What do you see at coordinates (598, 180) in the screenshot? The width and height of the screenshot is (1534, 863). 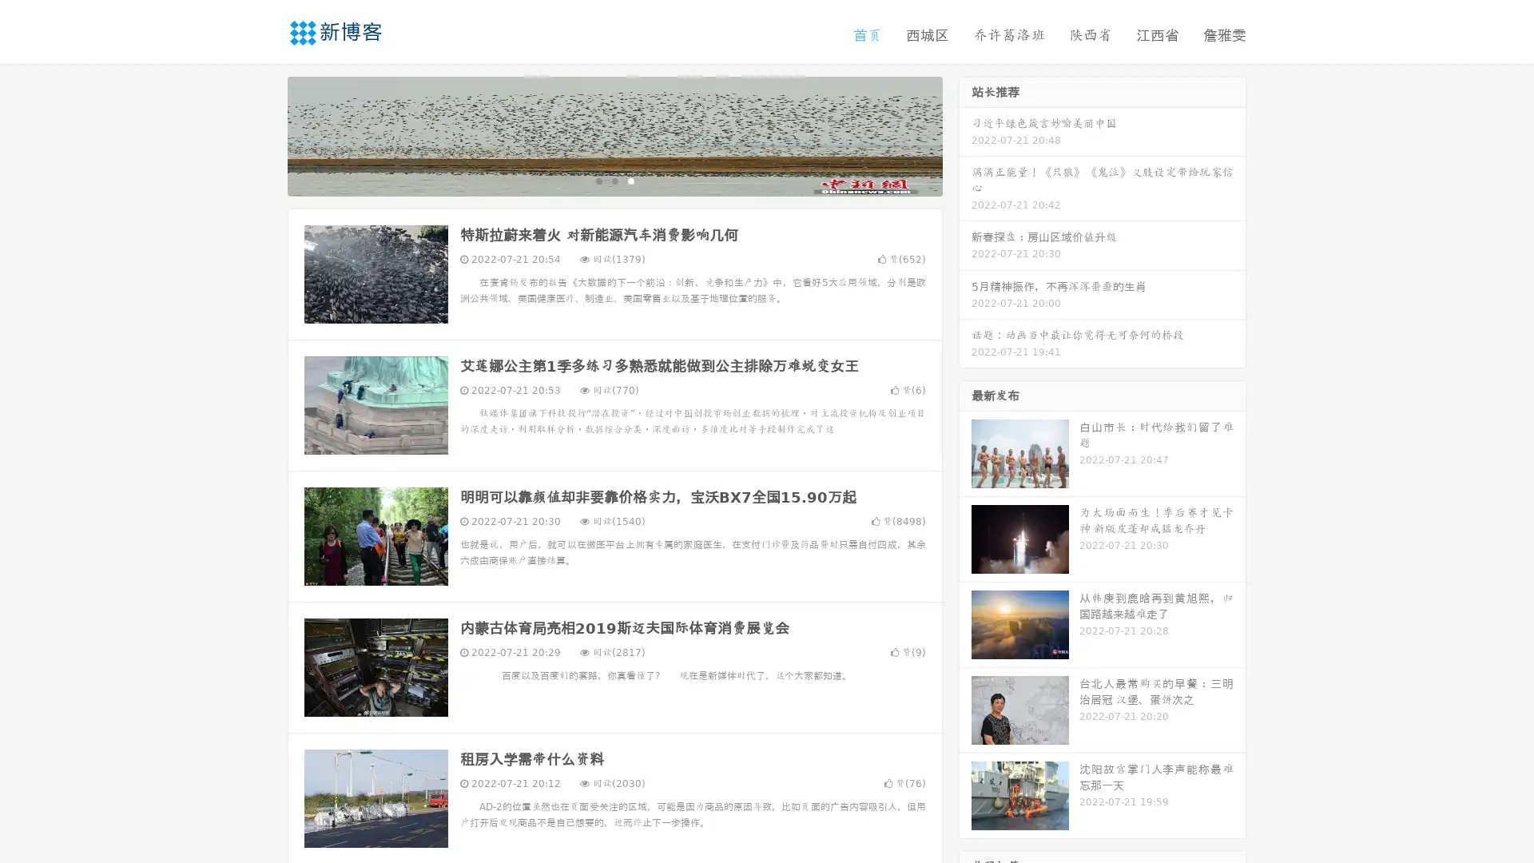 I see `Go to slide 1` at bounding box center [598, 180].